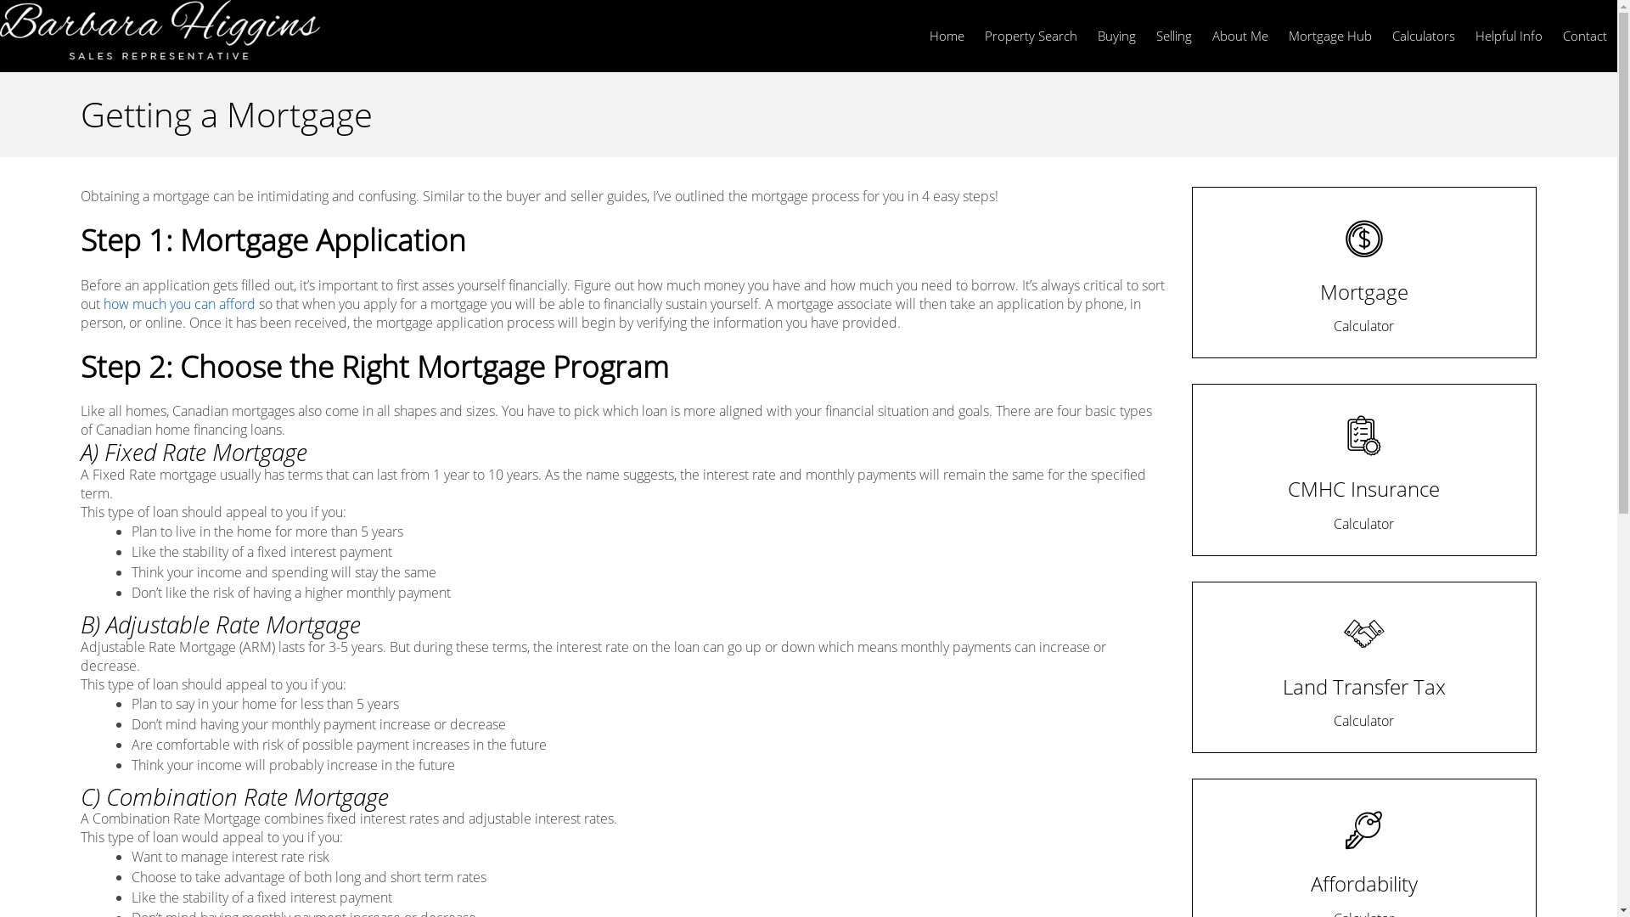 Image resolution: width=1630 pixels, height=917 pixels. What do you see at coordinates (1116, 36) in the screenshot?
I see `'Buying'` at bounding box center [1116, 36].